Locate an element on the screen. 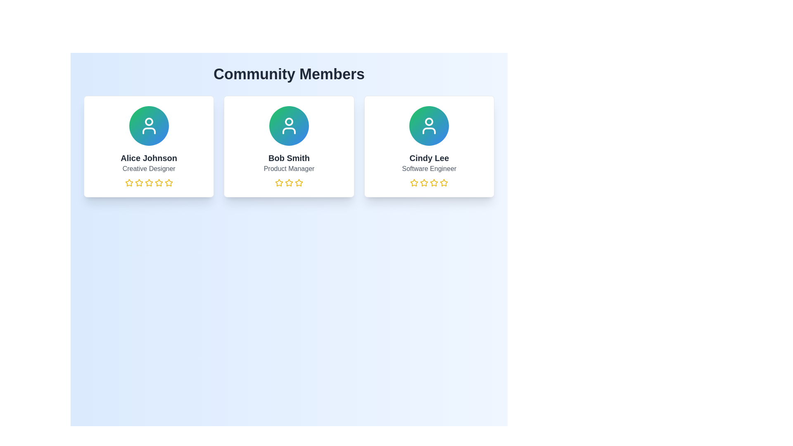  the text display that shows the name and professional title of the individual 'Bob Smith', which is centrally located in the card, positioned below the profile image and above the row of star icons is located at coordinates (289, 169).